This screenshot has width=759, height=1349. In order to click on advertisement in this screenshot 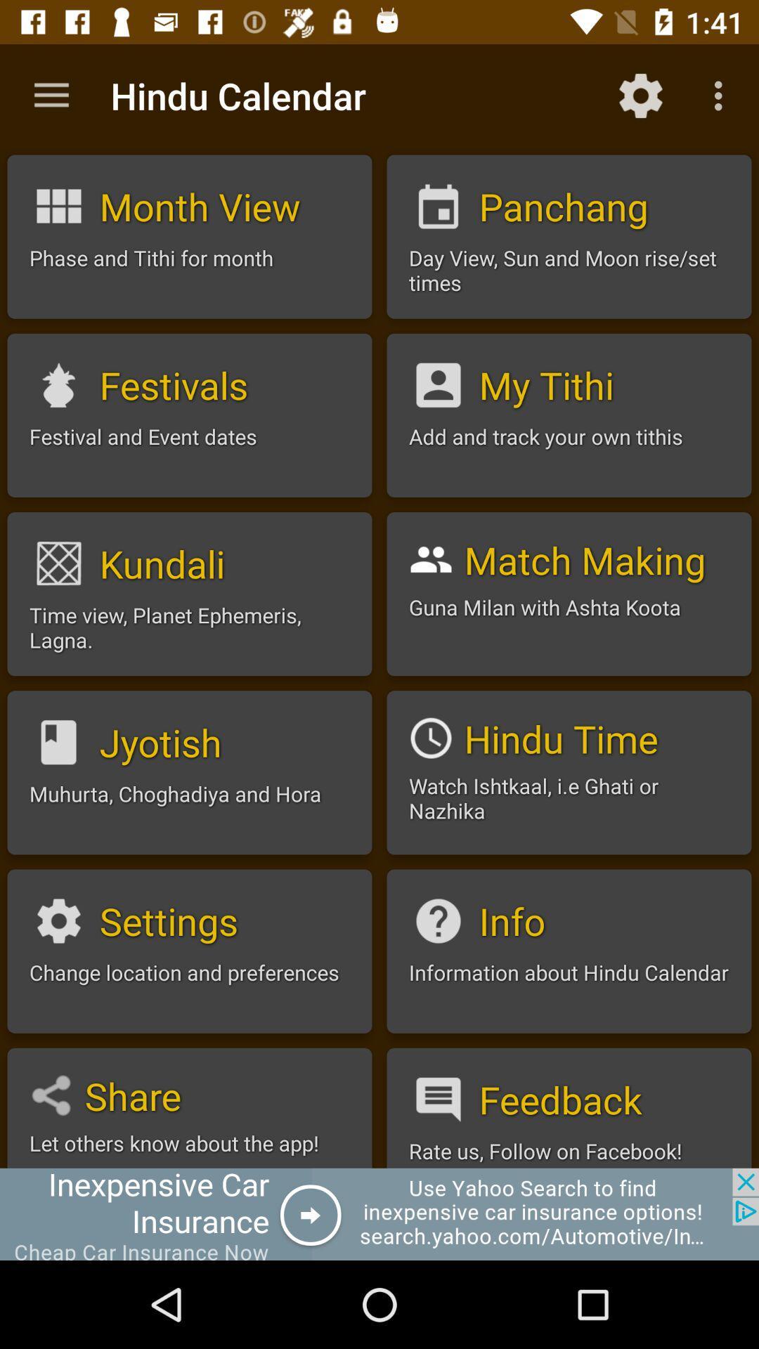, I will do `click(379, 1213)`.